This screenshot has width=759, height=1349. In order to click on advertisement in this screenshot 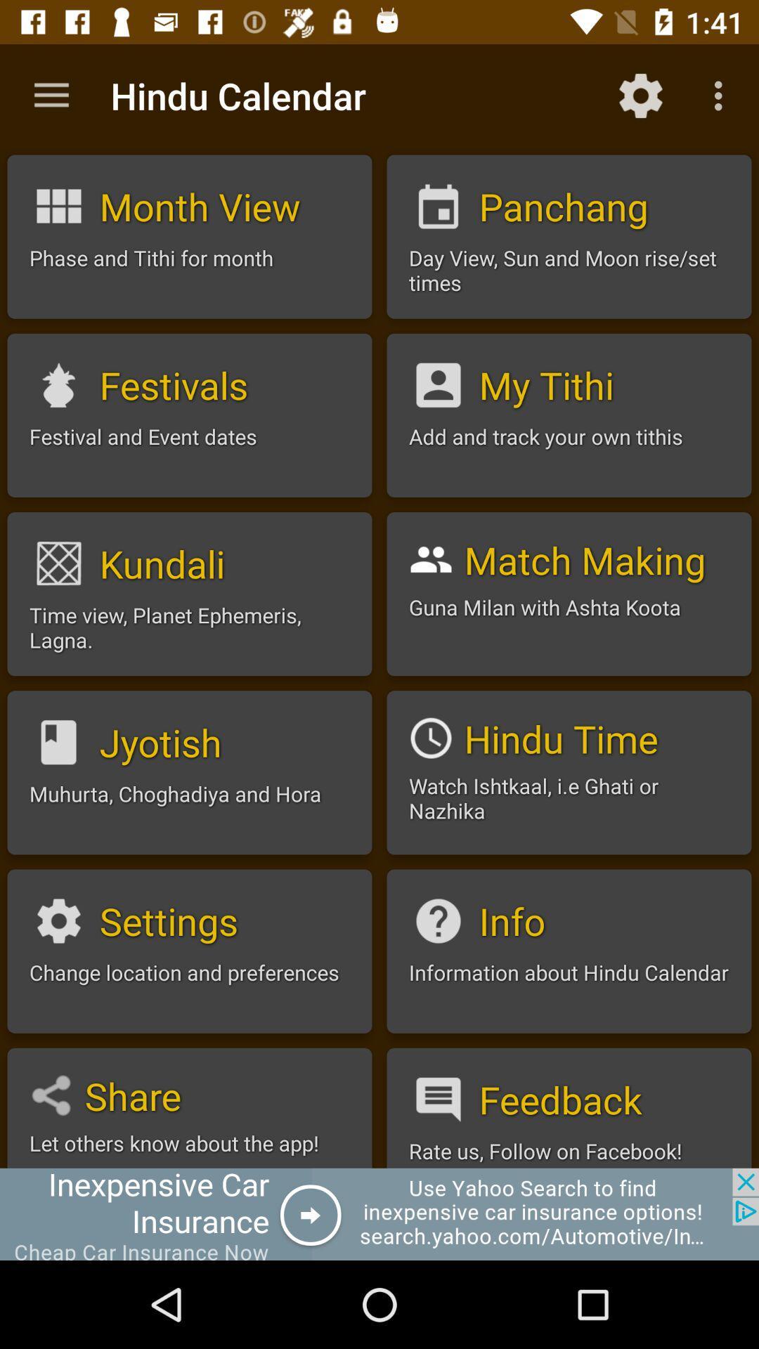, I will do `click(379, 1213)`.